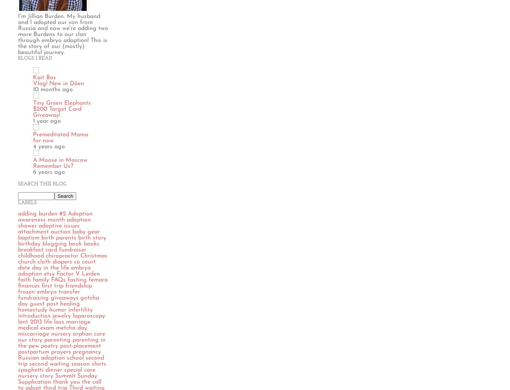  Describe the element at coordinates (31, 249) in the screenshot. I see `'breakfast'` at that location.